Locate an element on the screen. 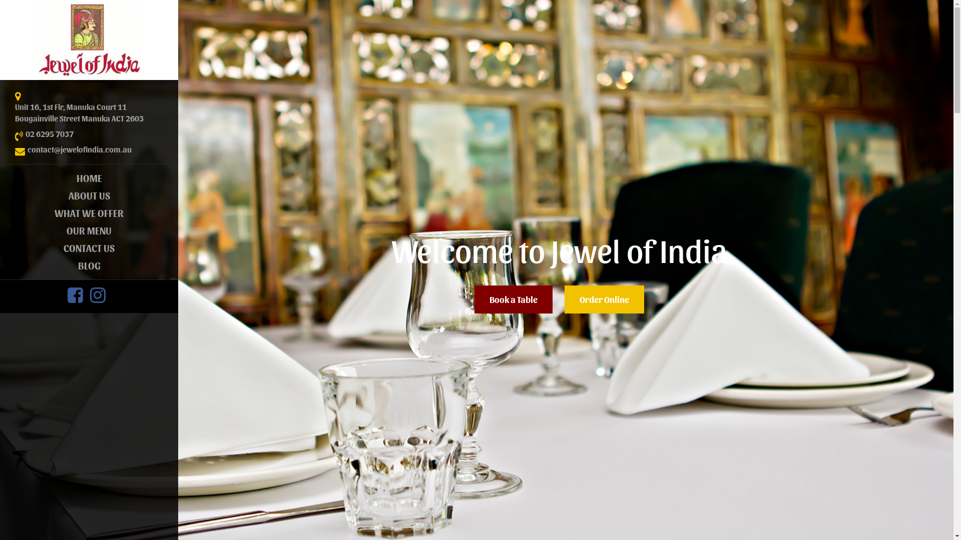  'Book a Table' is located at coordinates (514, 298).